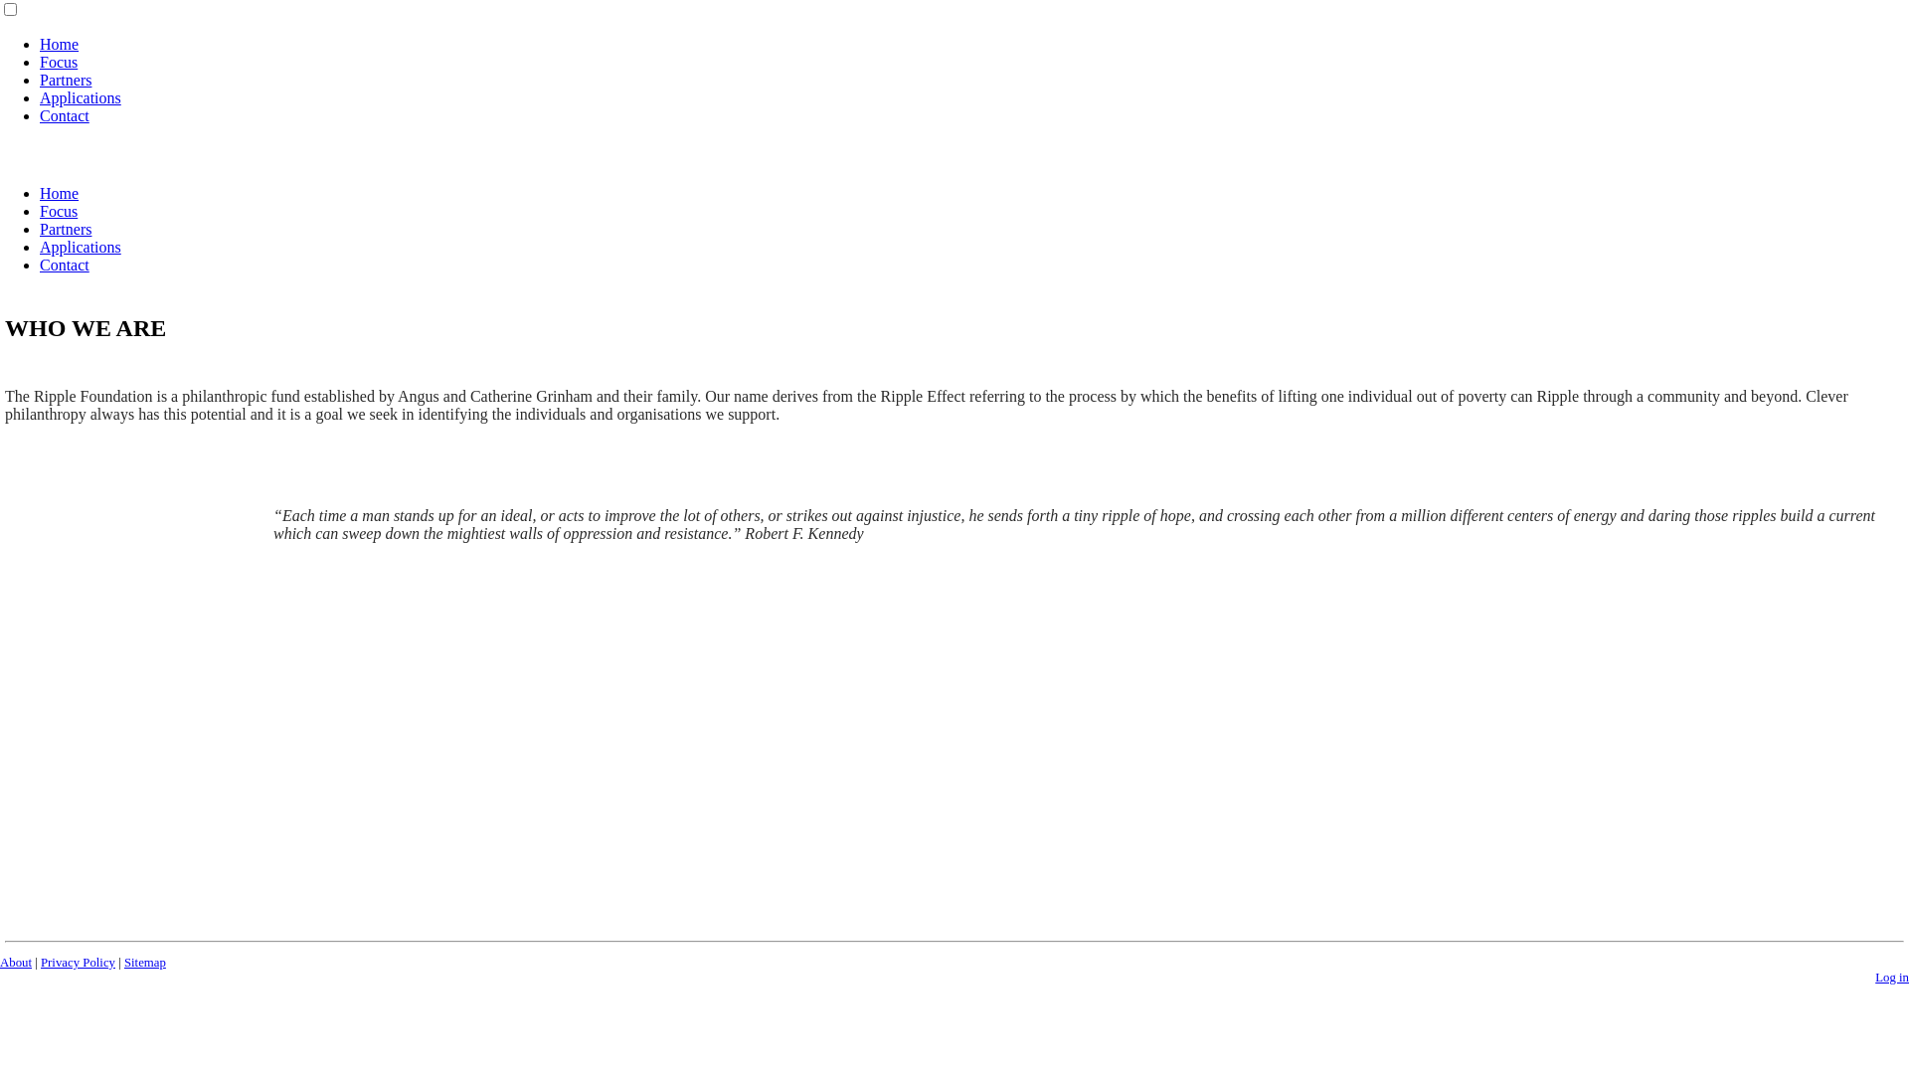 This screenshot has width=1909, height=1074. I want to click on 'Sitemap', so click(122, 962).